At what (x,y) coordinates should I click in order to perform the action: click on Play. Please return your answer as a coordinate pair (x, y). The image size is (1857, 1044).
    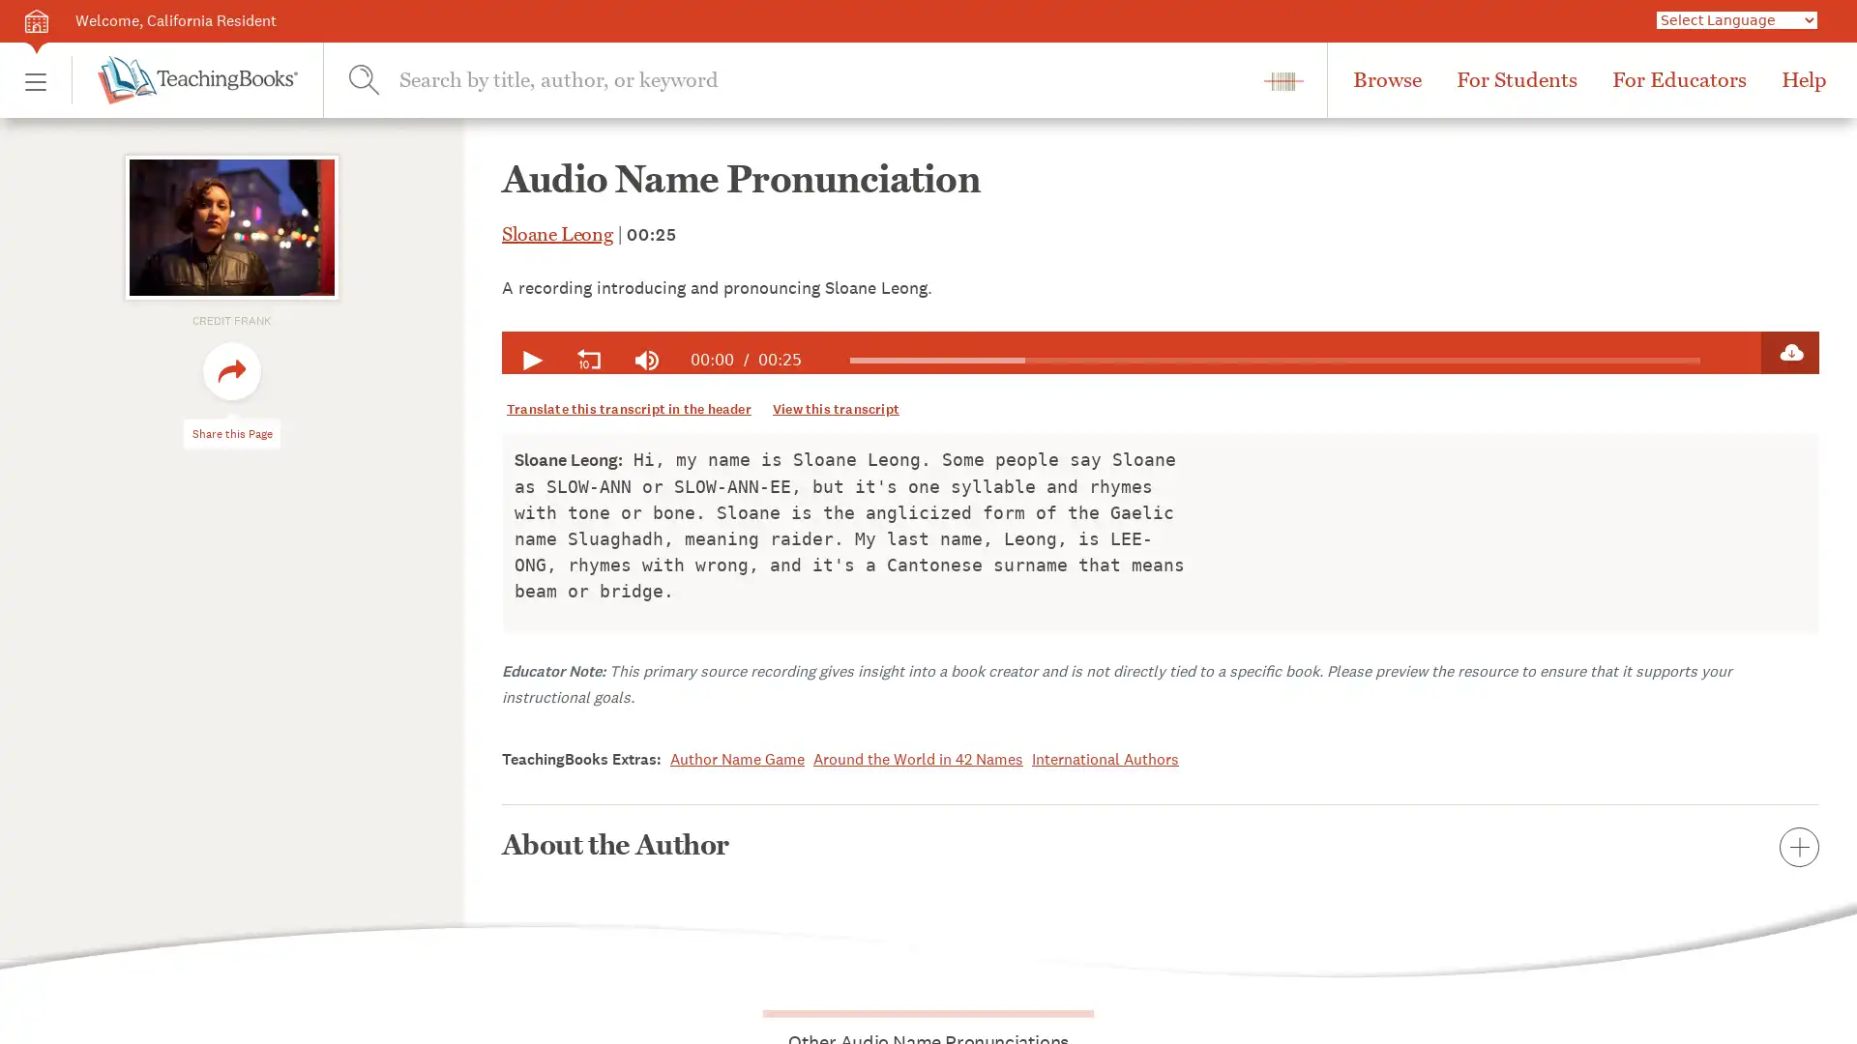
    Looking at the image, I should click on (530, 361).